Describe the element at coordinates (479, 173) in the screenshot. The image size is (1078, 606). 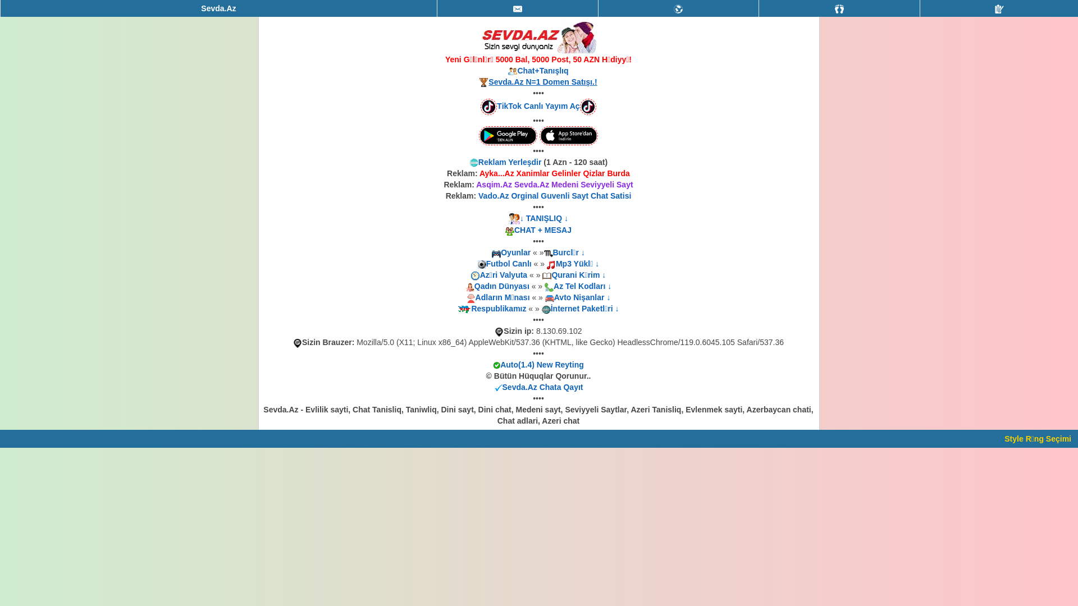
I see `'Ayka...Az Xanimlar Gelinler Qizlar Burda'` at that location.